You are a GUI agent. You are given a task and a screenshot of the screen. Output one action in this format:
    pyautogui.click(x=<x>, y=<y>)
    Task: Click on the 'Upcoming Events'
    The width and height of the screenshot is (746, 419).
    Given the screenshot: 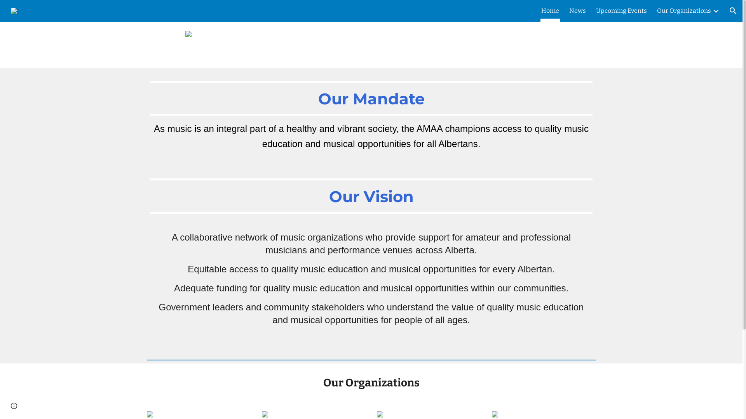 What is the action you would take?
    pyautogui.click(x=621, y=10)
    